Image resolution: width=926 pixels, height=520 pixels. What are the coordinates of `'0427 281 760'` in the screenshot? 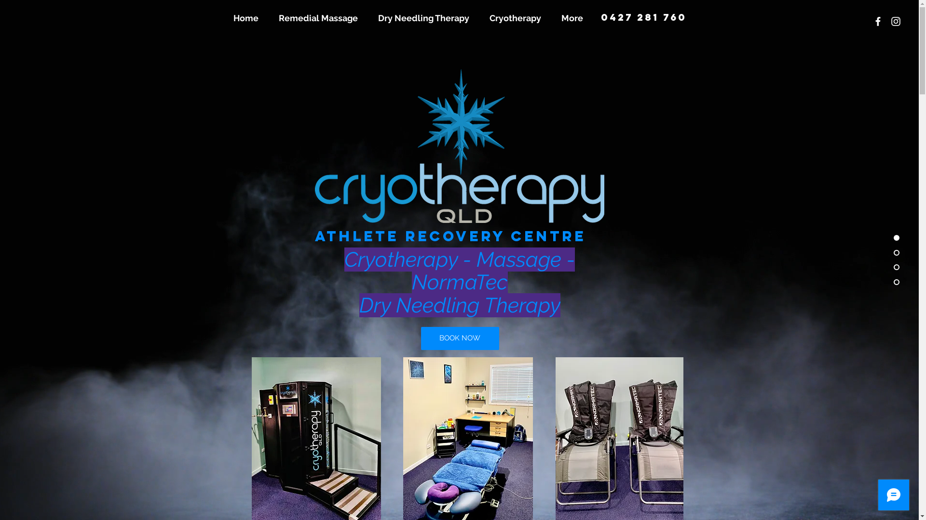 It's located at (600, 17).